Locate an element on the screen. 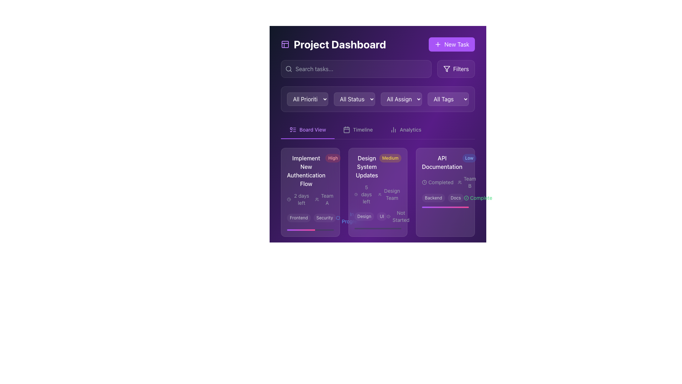 The height and width of the screenshot is (384, 682). the title 'Implement New Authentication Flow' in the task card is located at coordinates (310, 171).